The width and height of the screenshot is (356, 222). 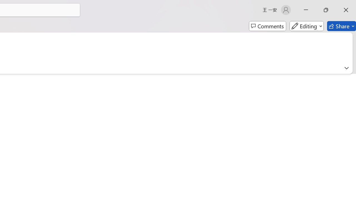 I want to click on 'Comments', so click(x=267, y=26).